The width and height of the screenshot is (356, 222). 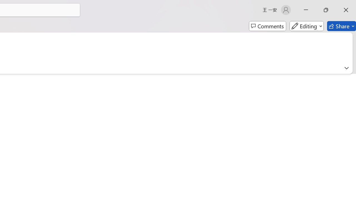 I want to click on 'Comments', so click(x=267, y=26).